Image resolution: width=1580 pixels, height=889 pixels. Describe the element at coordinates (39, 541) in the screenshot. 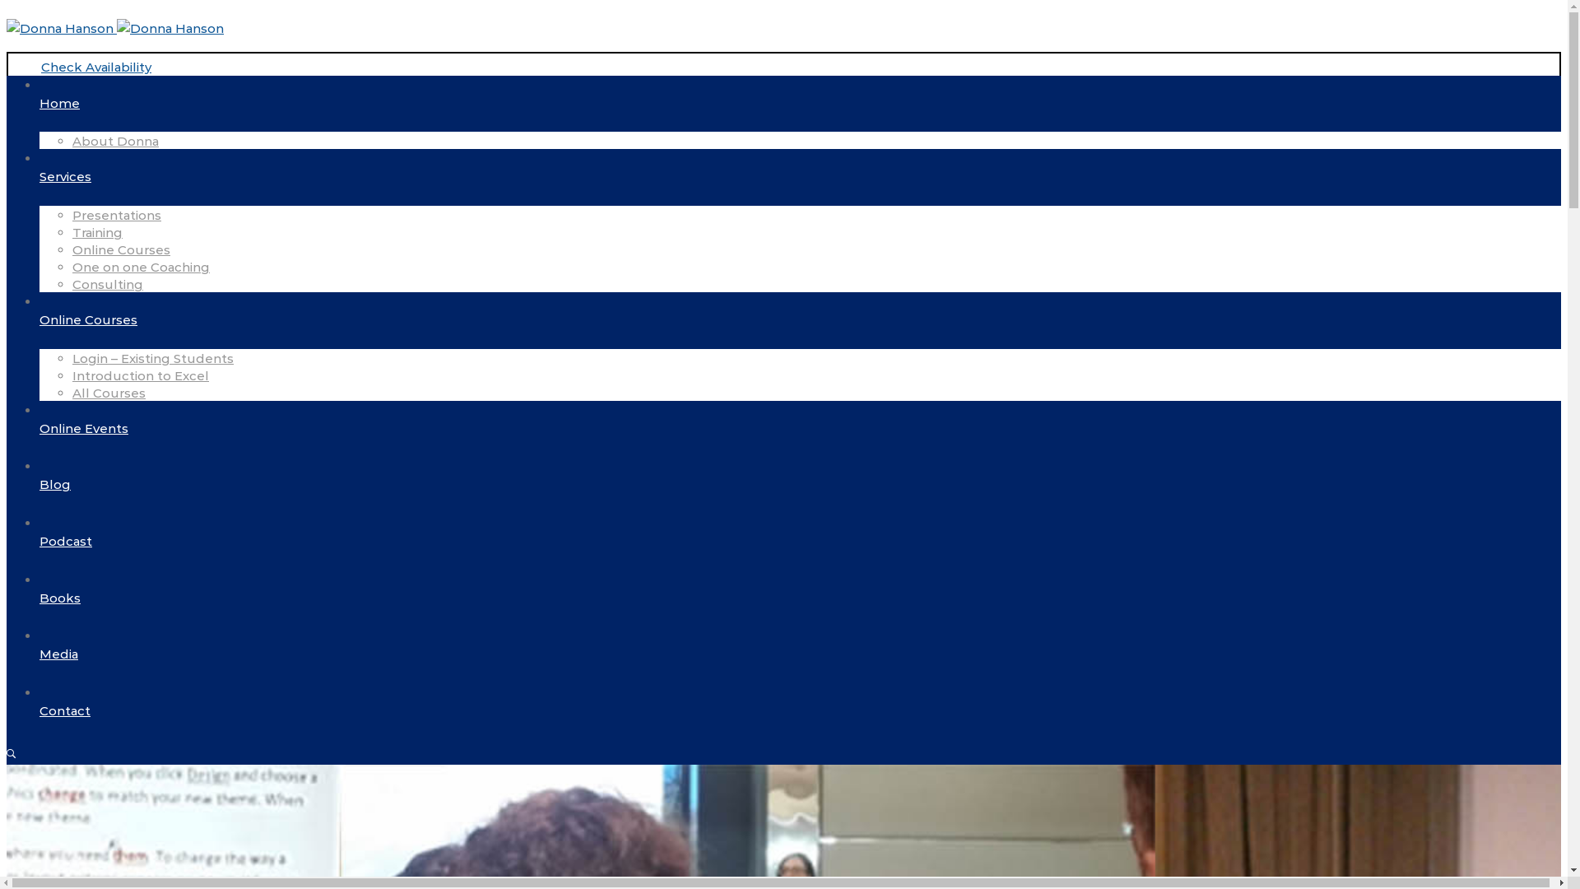

I see `'Podcast'` at that location.